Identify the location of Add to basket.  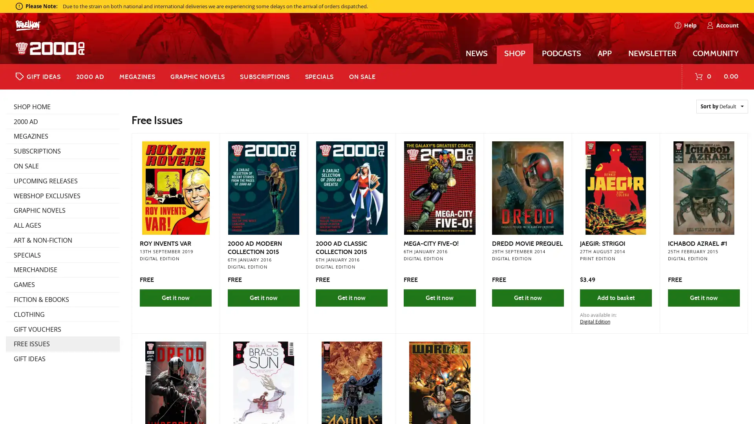
(615, 298).